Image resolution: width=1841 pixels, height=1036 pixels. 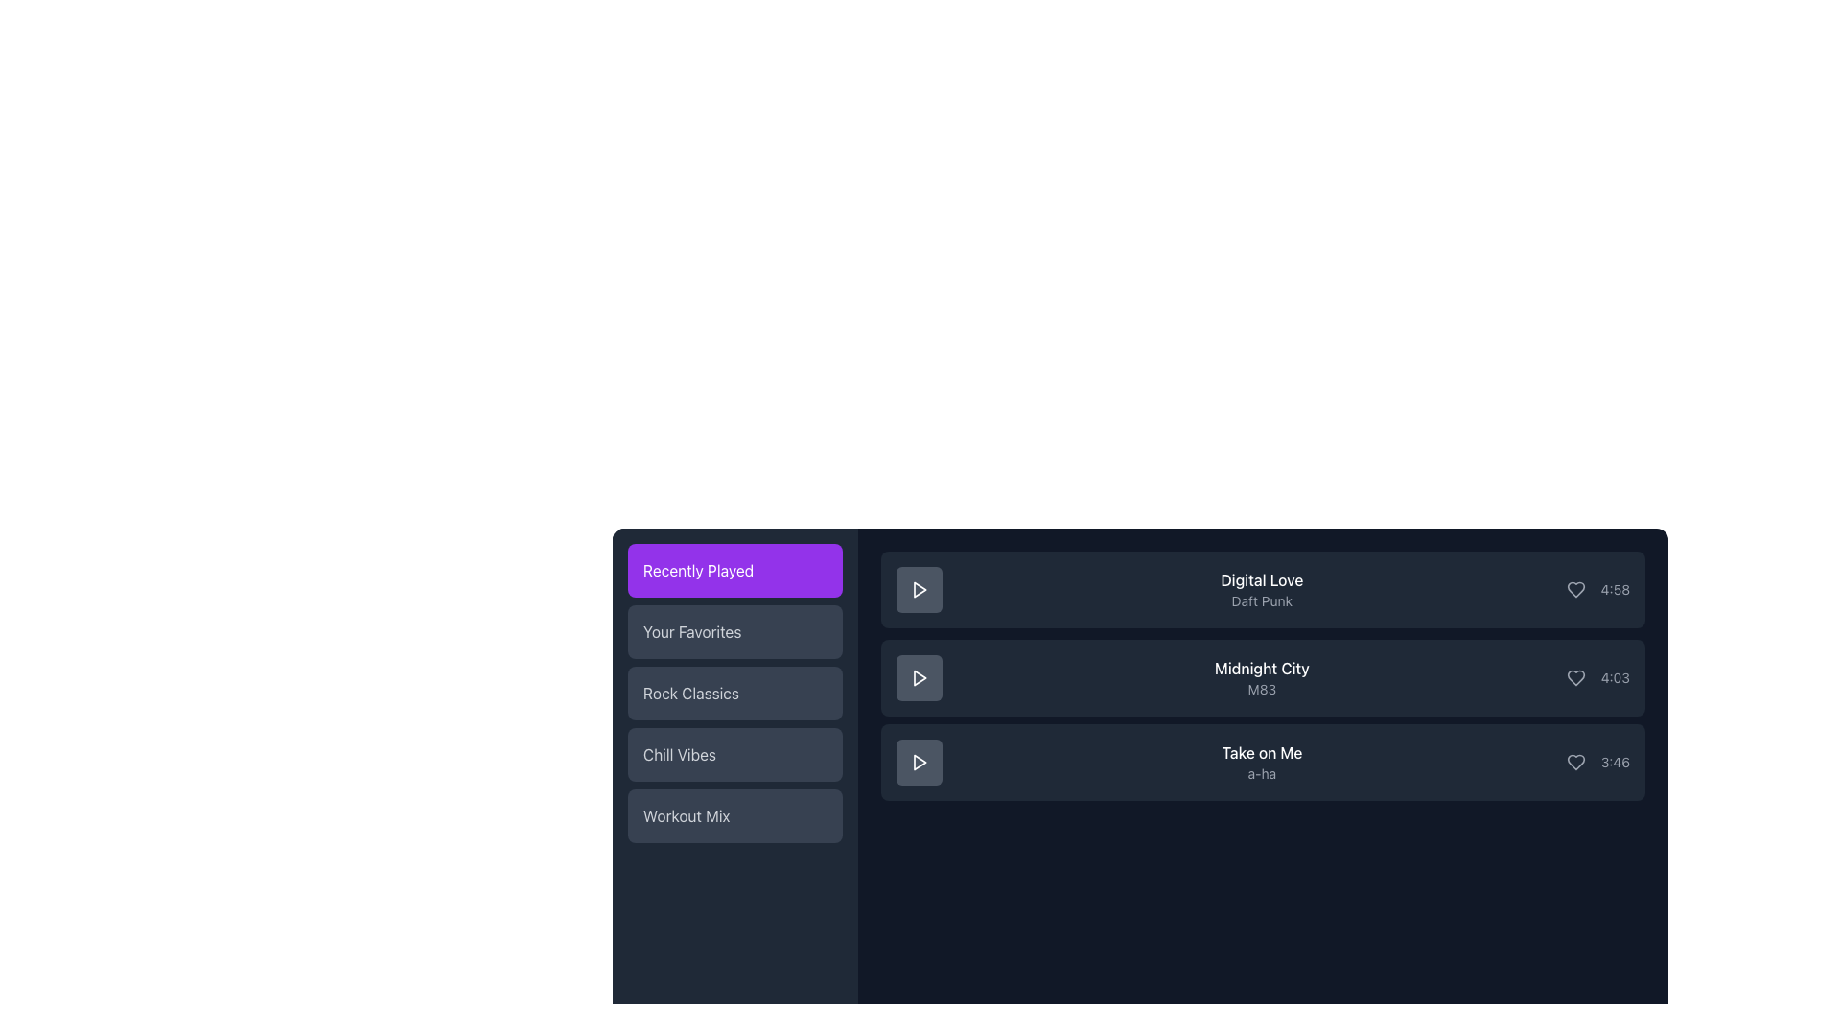 I want to click on text label positioned below the 'Take on Me' title, which provides additional information about the musical track, so click(x=1262, y=772).